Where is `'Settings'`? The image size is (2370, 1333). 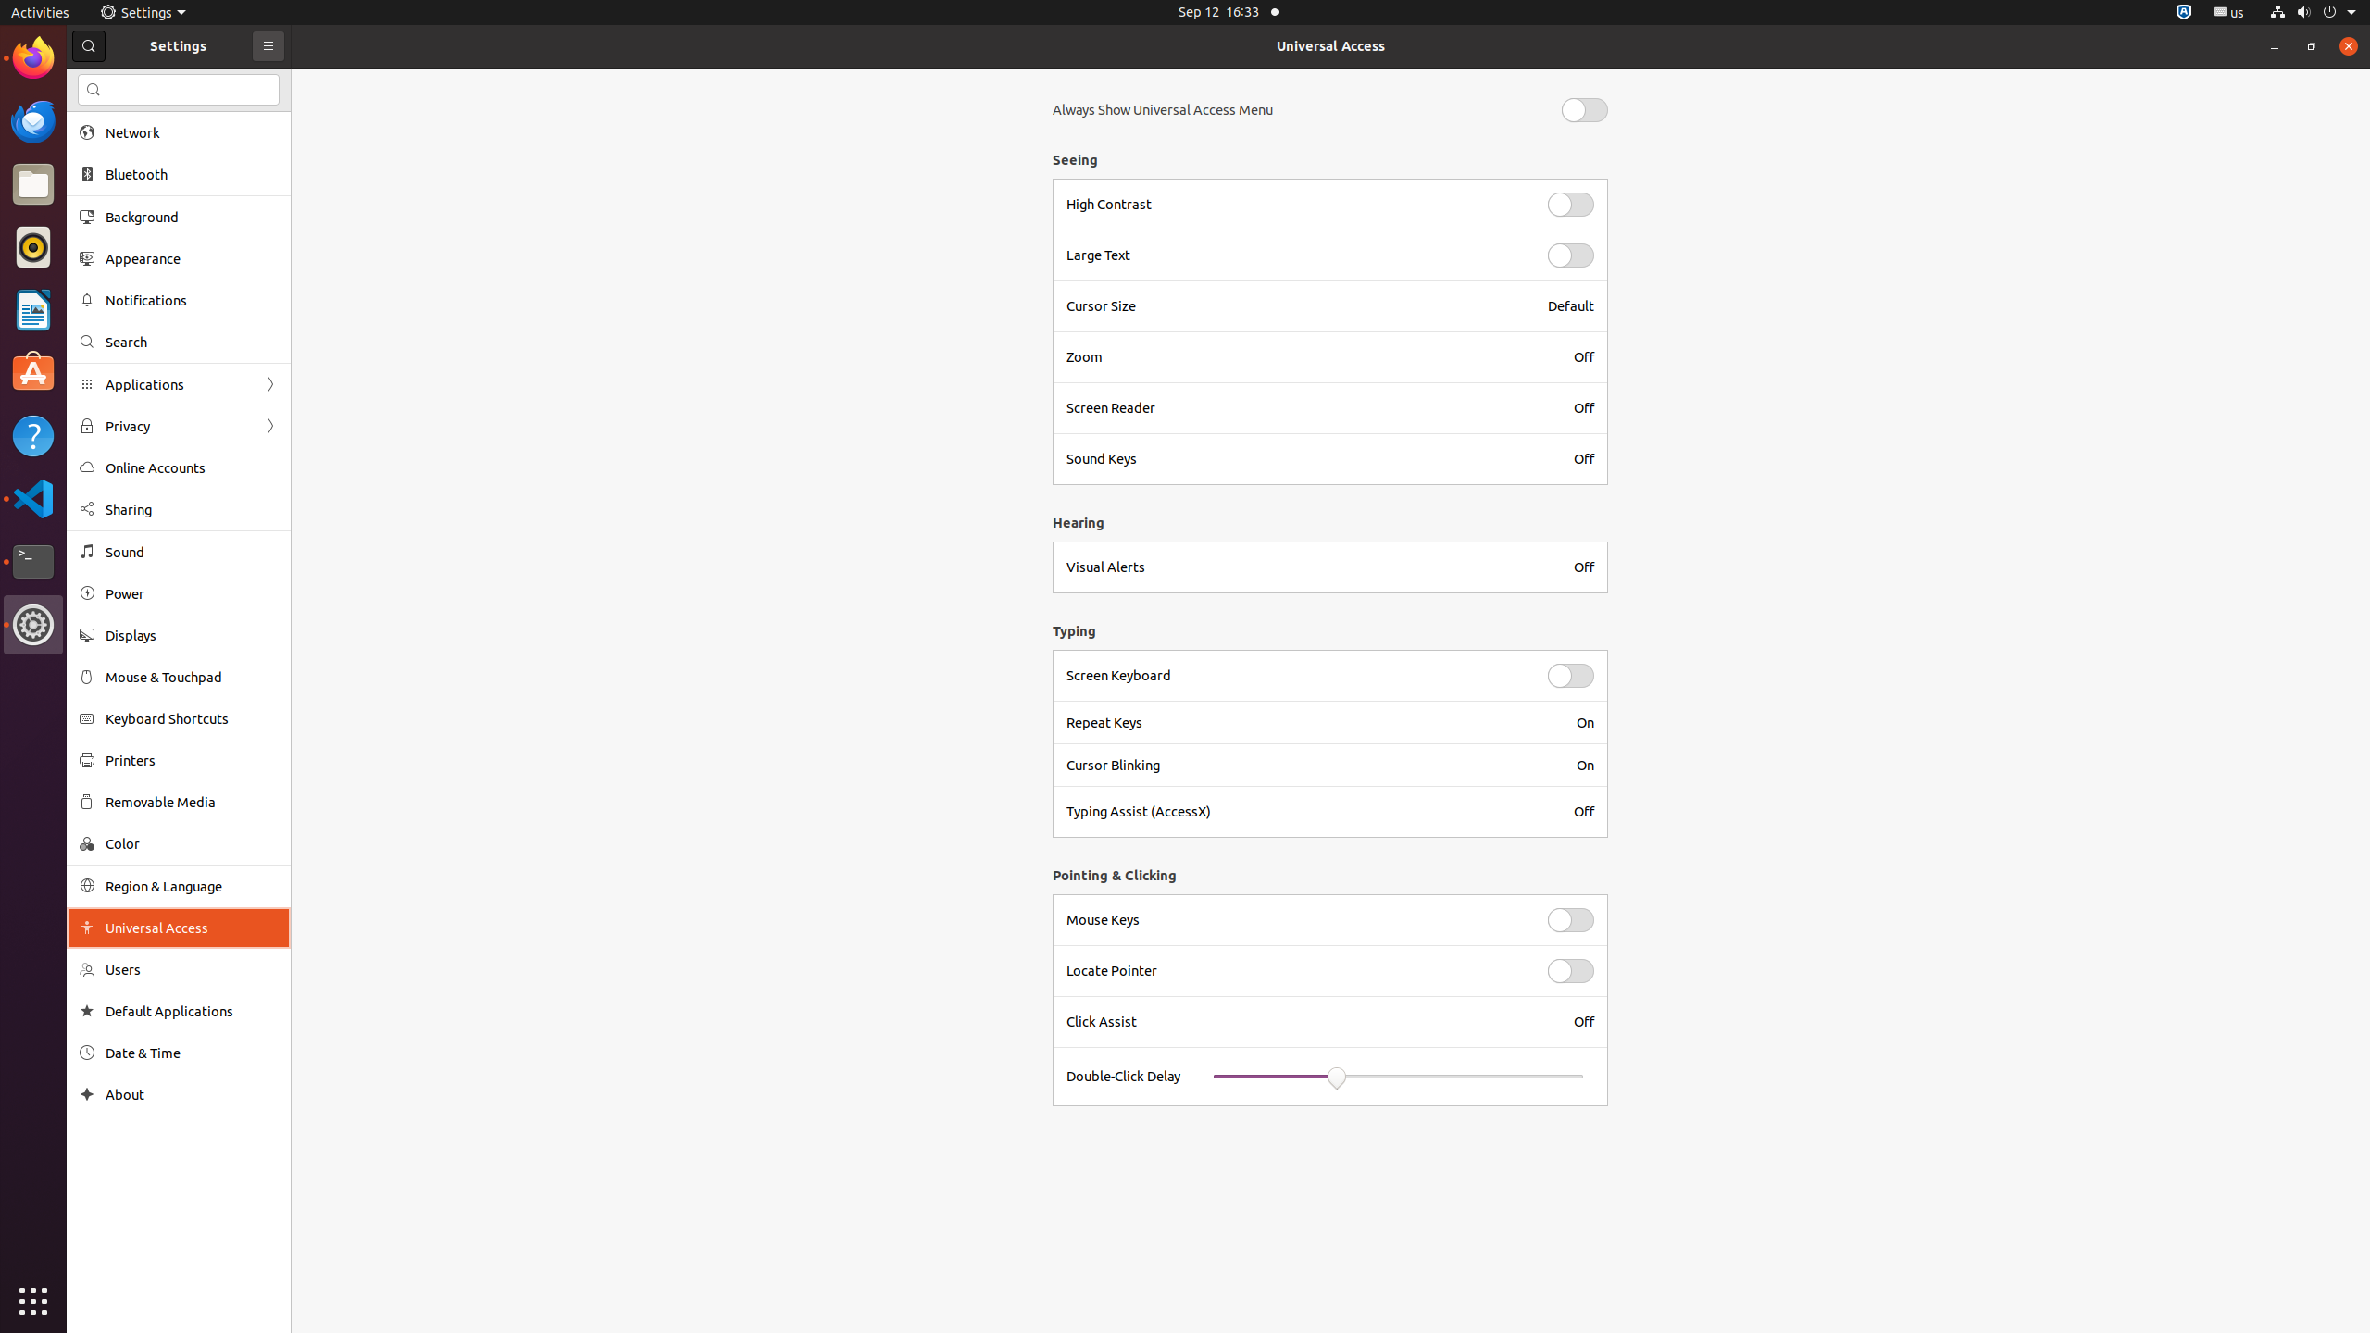 'Settings' is located at coordinates (143, 11).